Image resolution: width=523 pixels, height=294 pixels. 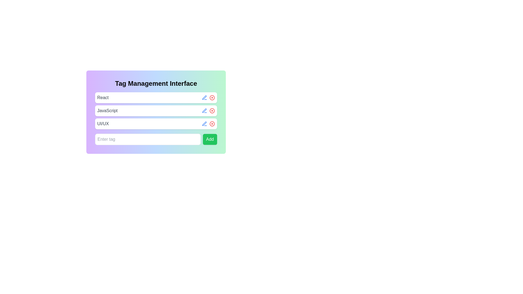 I want to click on the edit icon button located next to the text field labeled 'UI/UX', so click(x=204, y=124).